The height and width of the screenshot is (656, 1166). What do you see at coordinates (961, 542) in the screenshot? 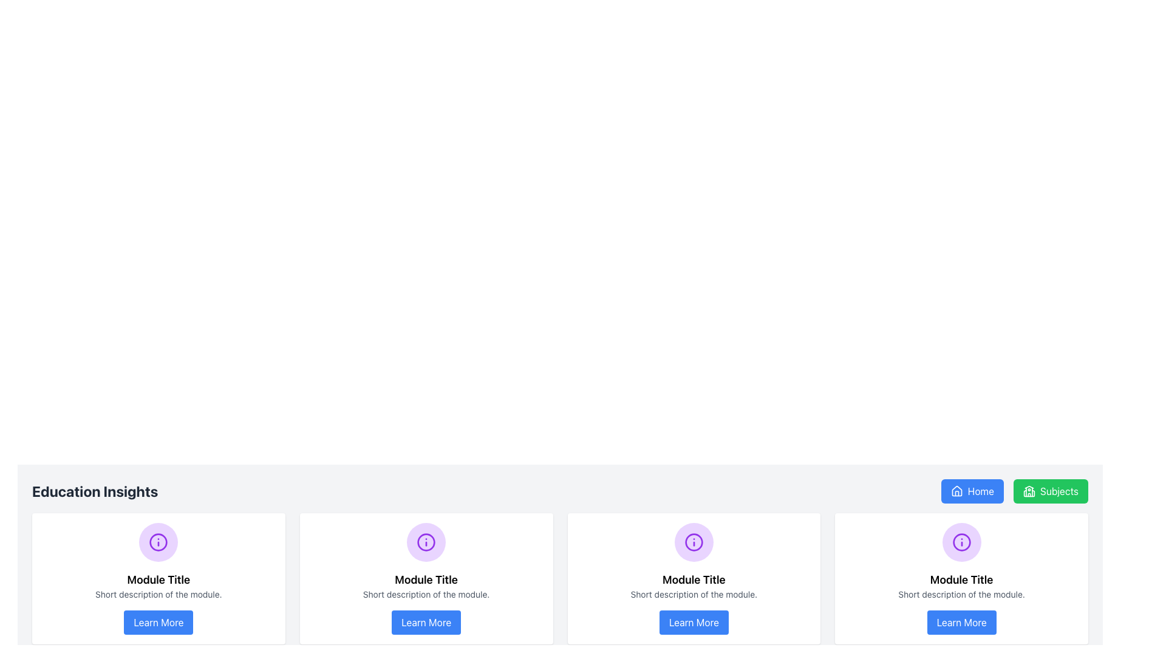
I see `the light purple circular element within the information icon located in the last module card above the text 'Module Title'` at bounding box center [961, 542].